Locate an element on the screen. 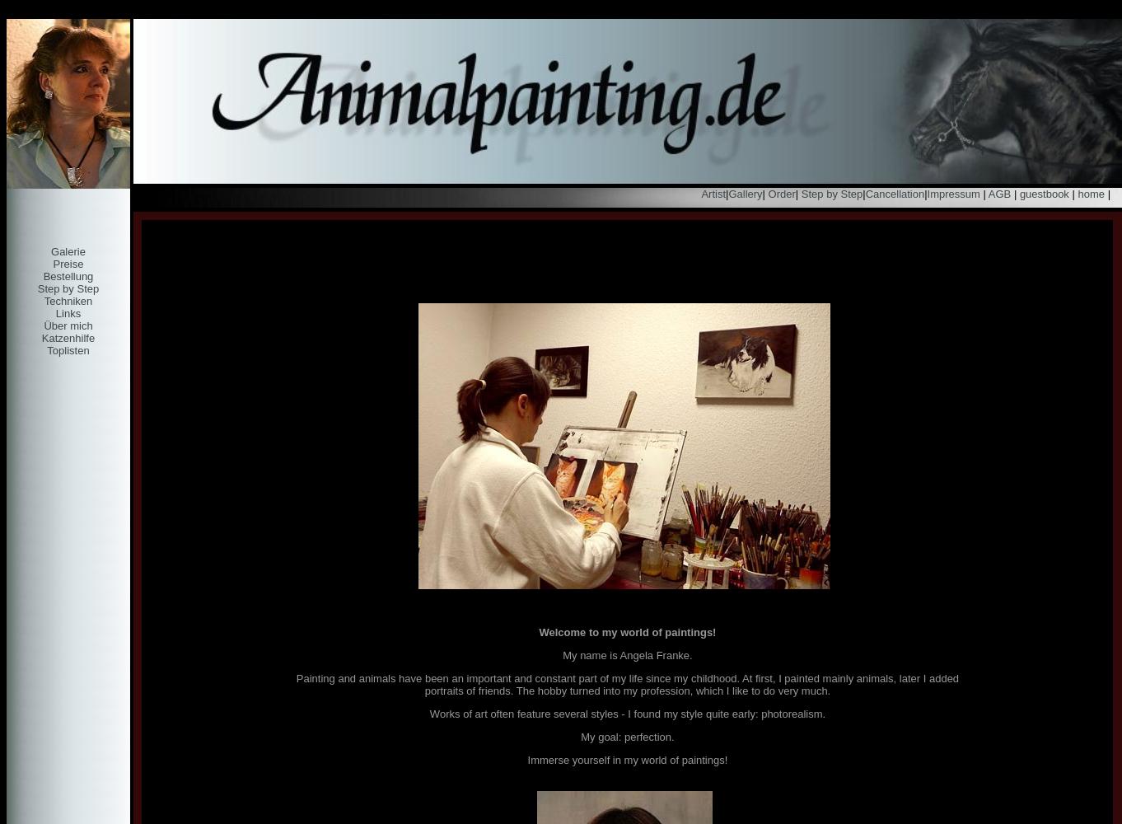 Image resolution: width=1122 pixels, height=824 pixels. 'Preise' is located at coordinates (53, 263).